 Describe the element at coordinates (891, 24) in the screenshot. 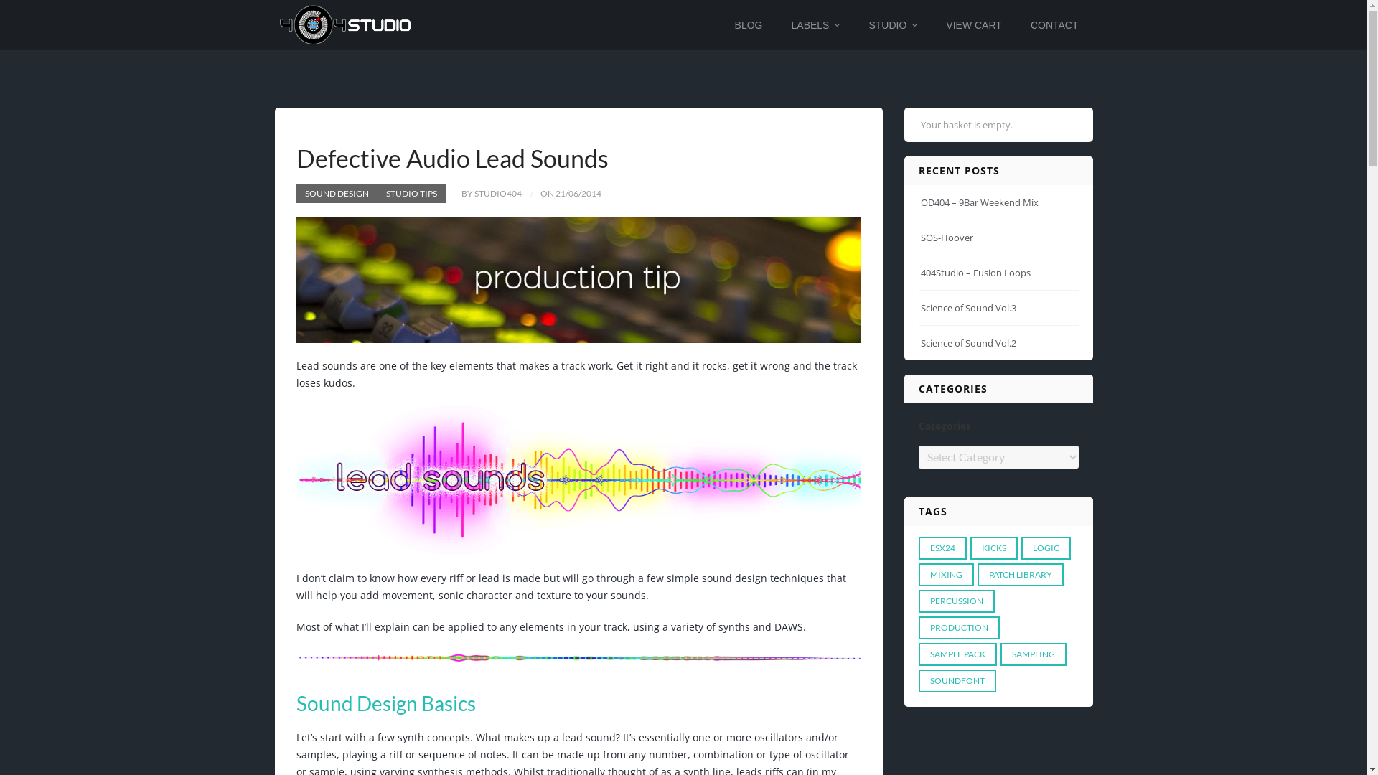

I see `'STUDIO'` at that location.